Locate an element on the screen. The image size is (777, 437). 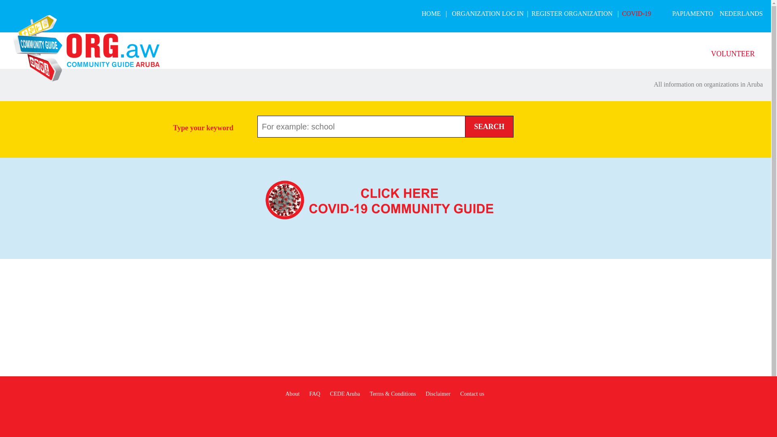
'NEDERLANDS' is located at coordinates (741, 13).